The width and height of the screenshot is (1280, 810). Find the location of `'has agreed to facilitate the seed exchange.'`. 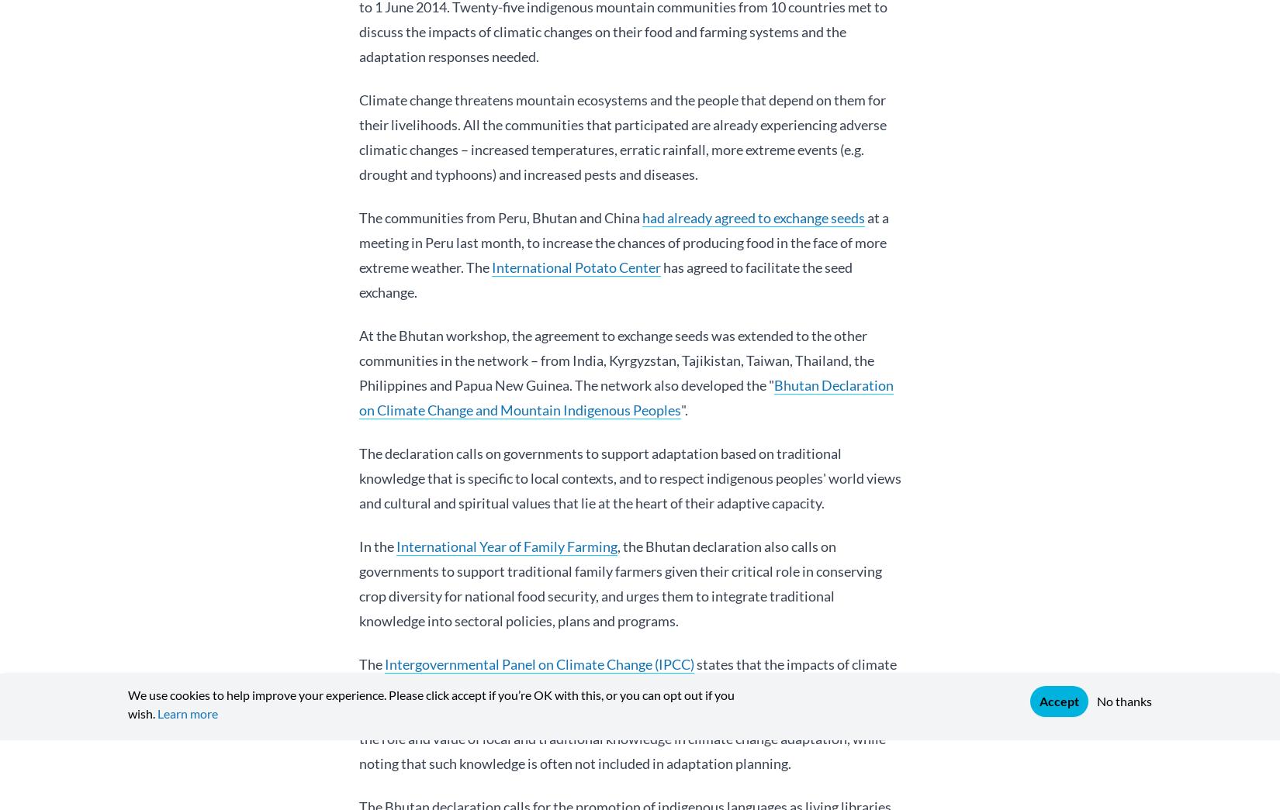

'has agreed to facilitate the seed exchange.' is located at coordinates (604, 279).